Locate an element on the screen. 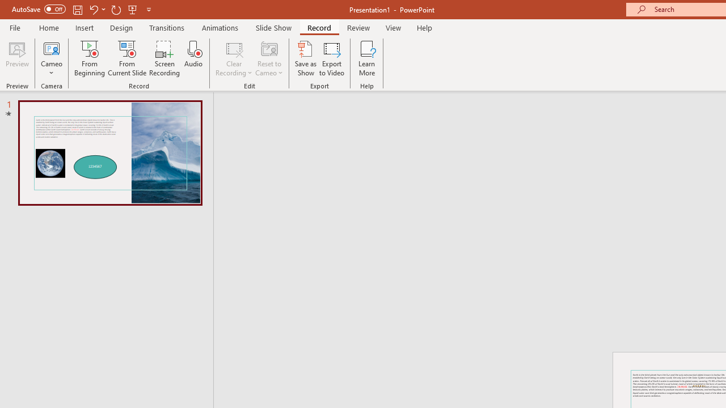 Image resolution: width=726 pixels, height=408 pixels. 'From Beginning...' is located at coordinates (89, 58).